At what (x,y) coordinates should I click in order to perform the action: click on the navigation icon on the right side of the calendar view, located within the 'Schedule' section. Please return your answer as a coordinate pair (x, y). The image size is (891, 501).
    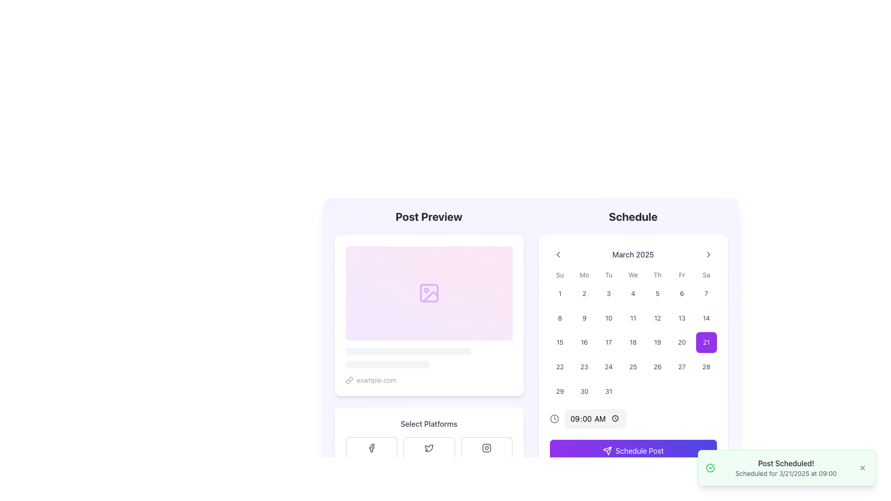
    Looking at the image, I should click on (708, 254).